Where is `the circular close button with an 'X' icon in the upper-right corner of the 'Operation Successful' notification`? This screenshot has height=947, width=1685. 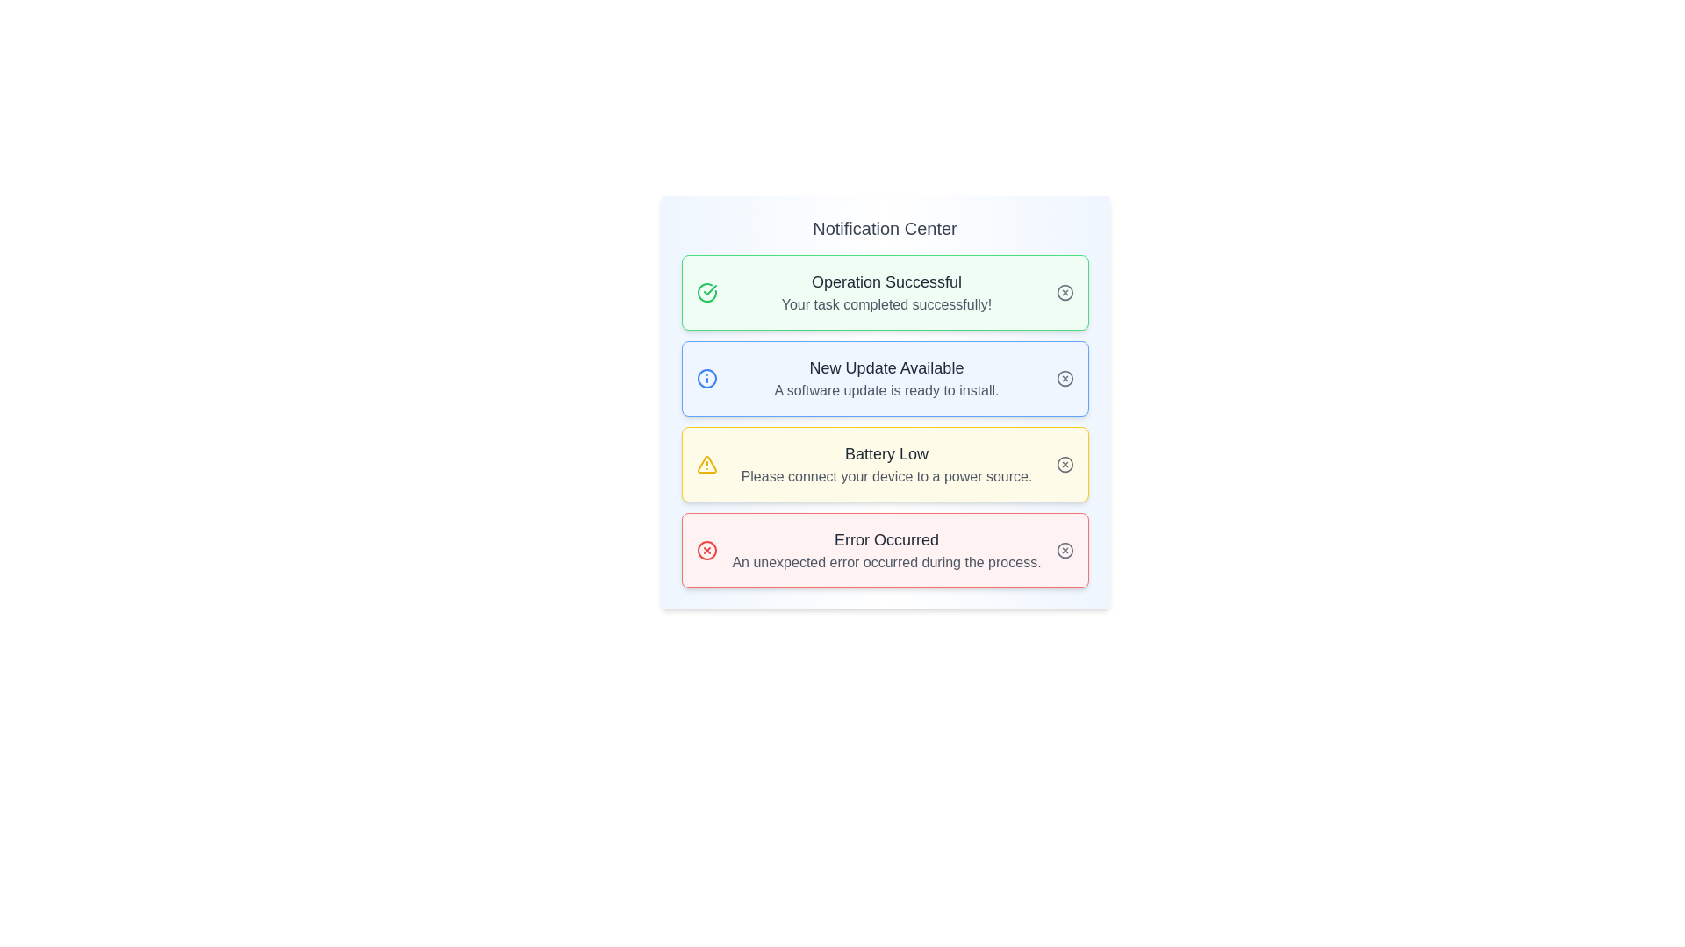
the circular close button with an 'X' icon in the upper-right corner of the 'Operation Successful' notification is located at coordinates (1064, 292).